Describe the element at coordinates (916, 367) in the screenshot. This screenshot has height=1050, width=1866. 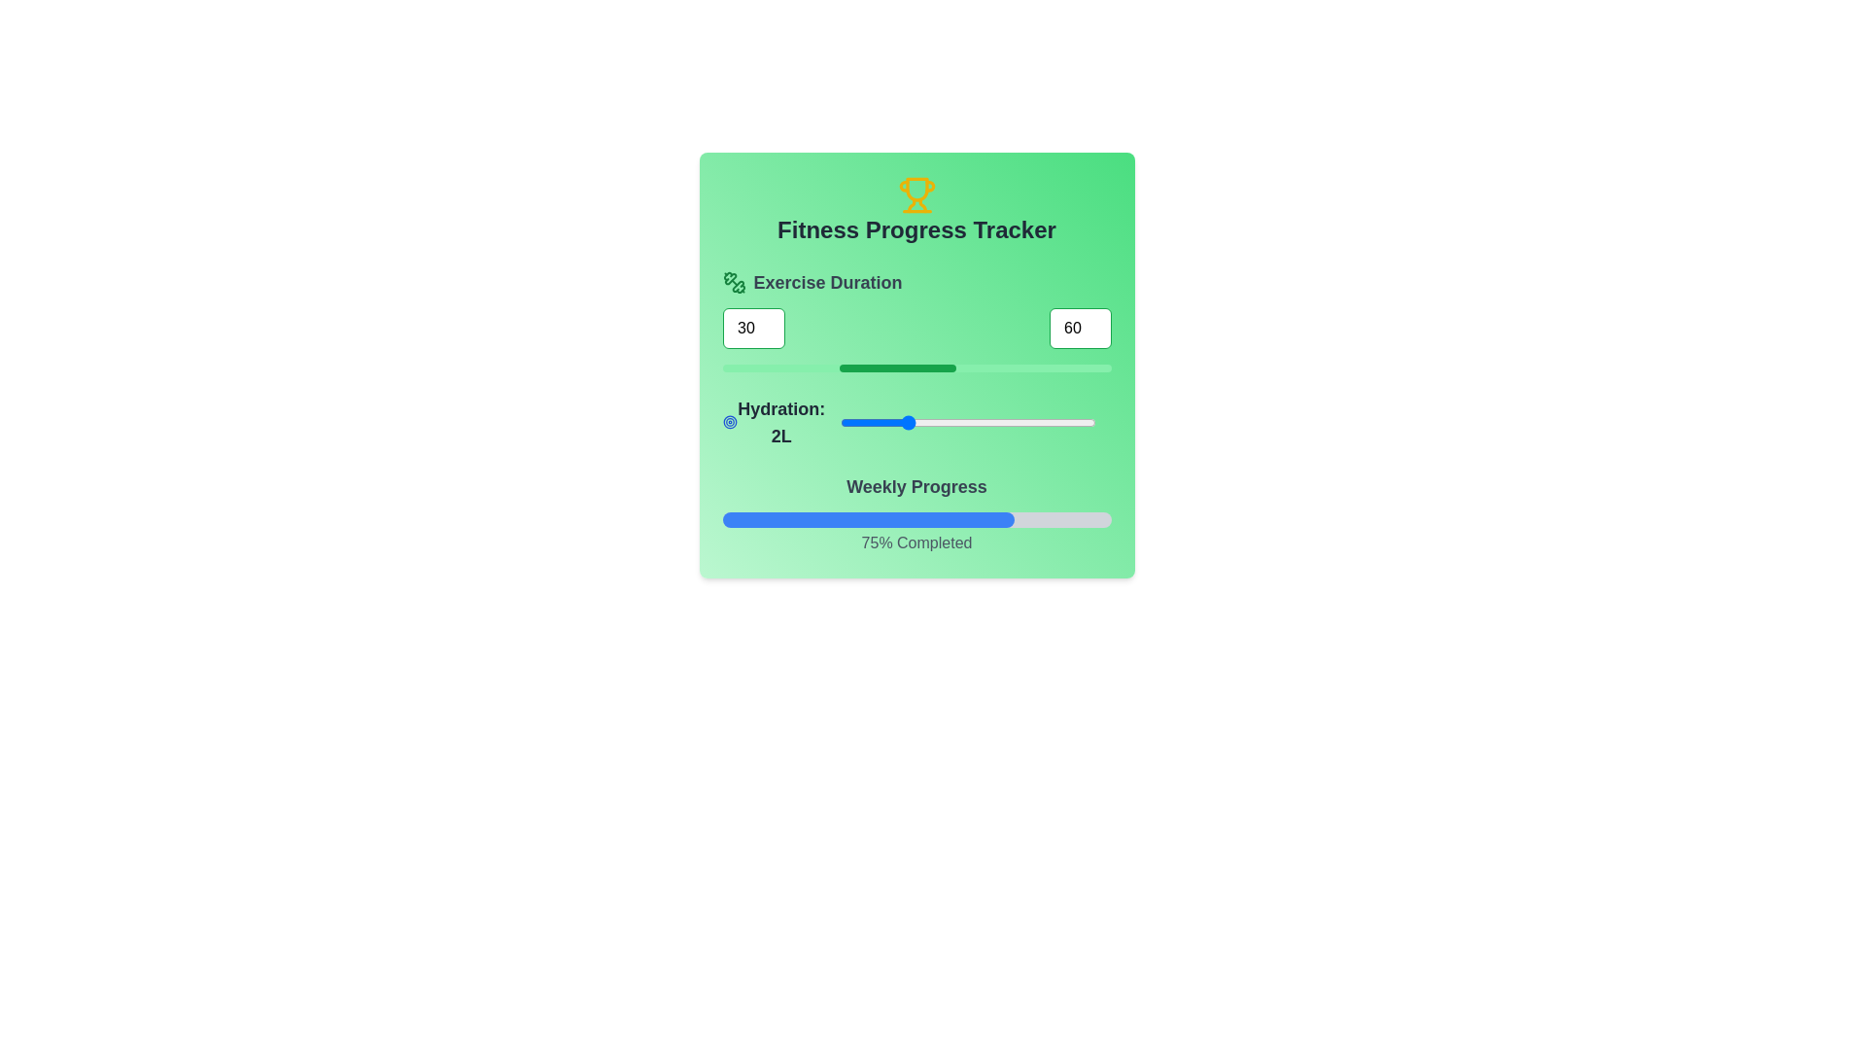
I see `the Progress Bar located below the 'Exercise Duration' label, which is a horizontal bar with a green background and rounded corners, indicating the progress visually` at that location.